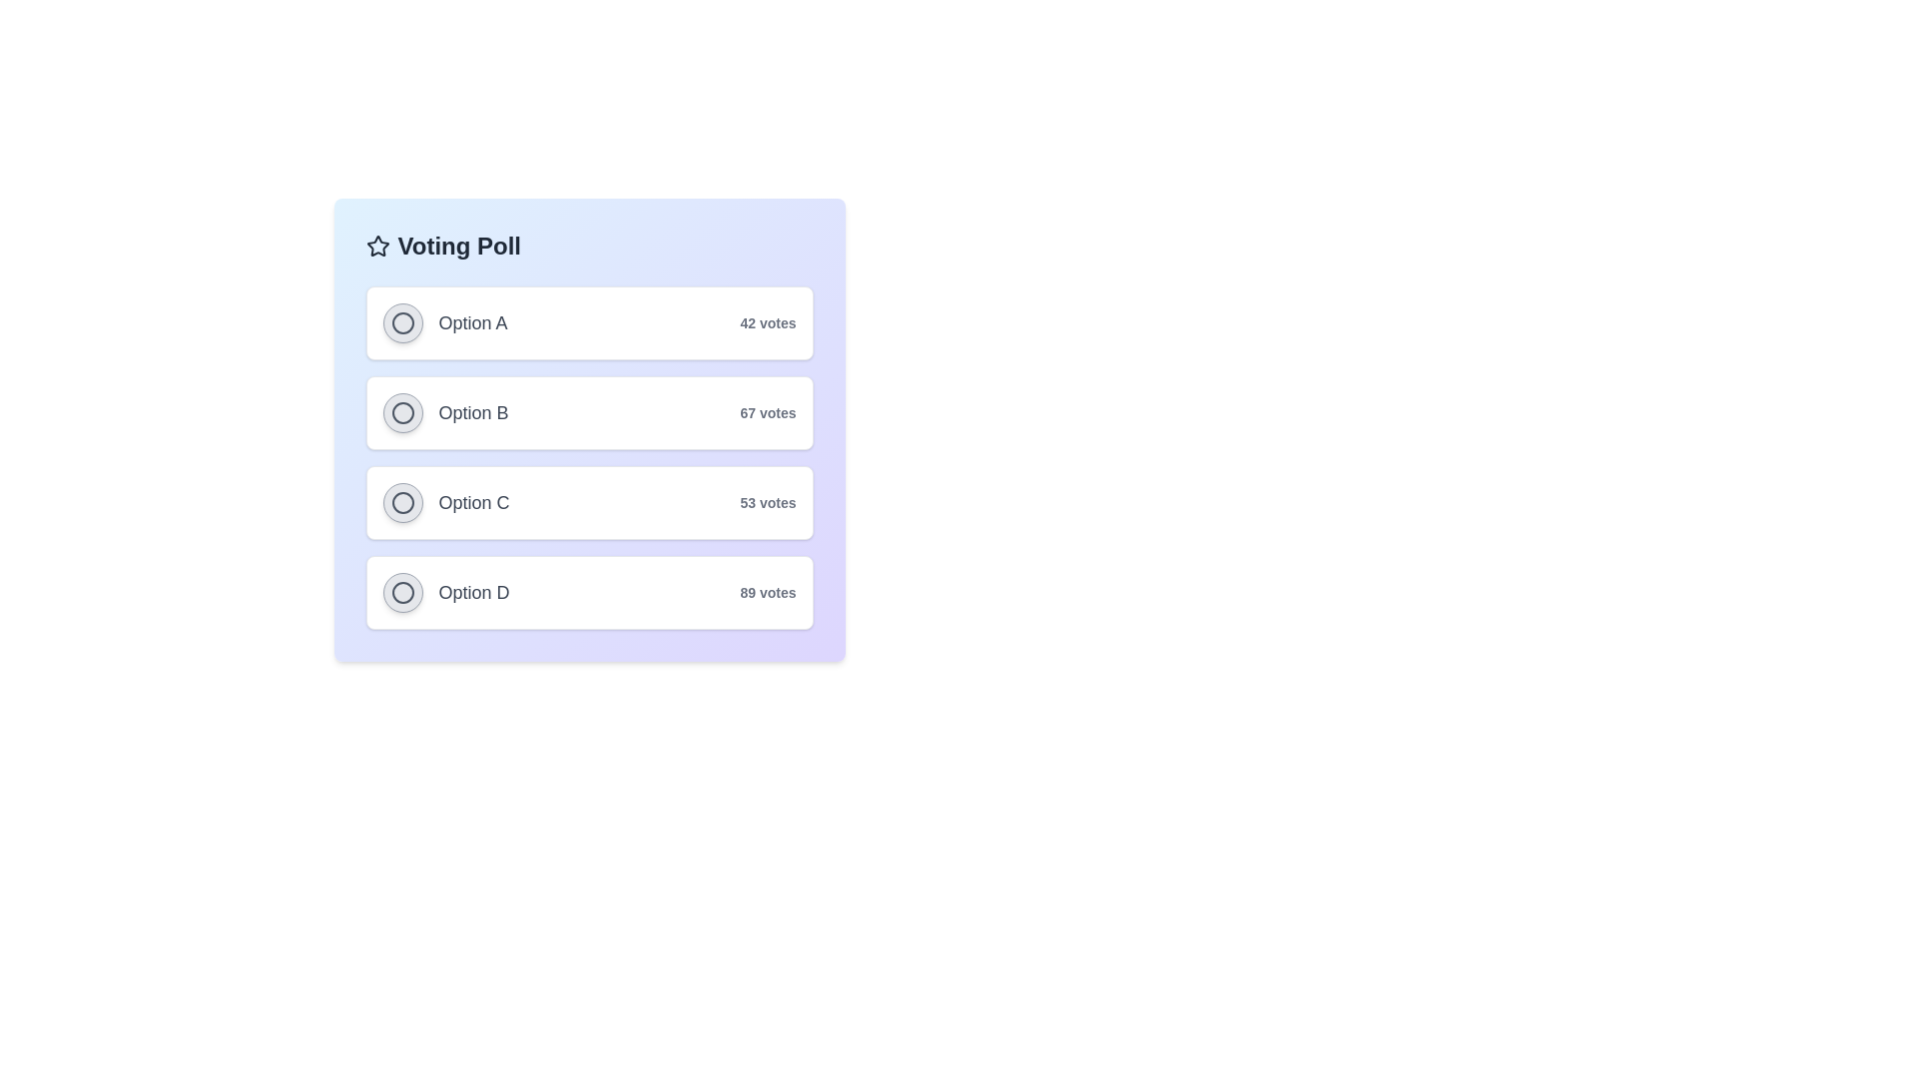  What do you see at coordinates (401, 502) in the screenshot?
I see `the third radio button, which is a circular icon with a gray outline, positioned next to the text 'Option C'` at bounding box center [401, 502].